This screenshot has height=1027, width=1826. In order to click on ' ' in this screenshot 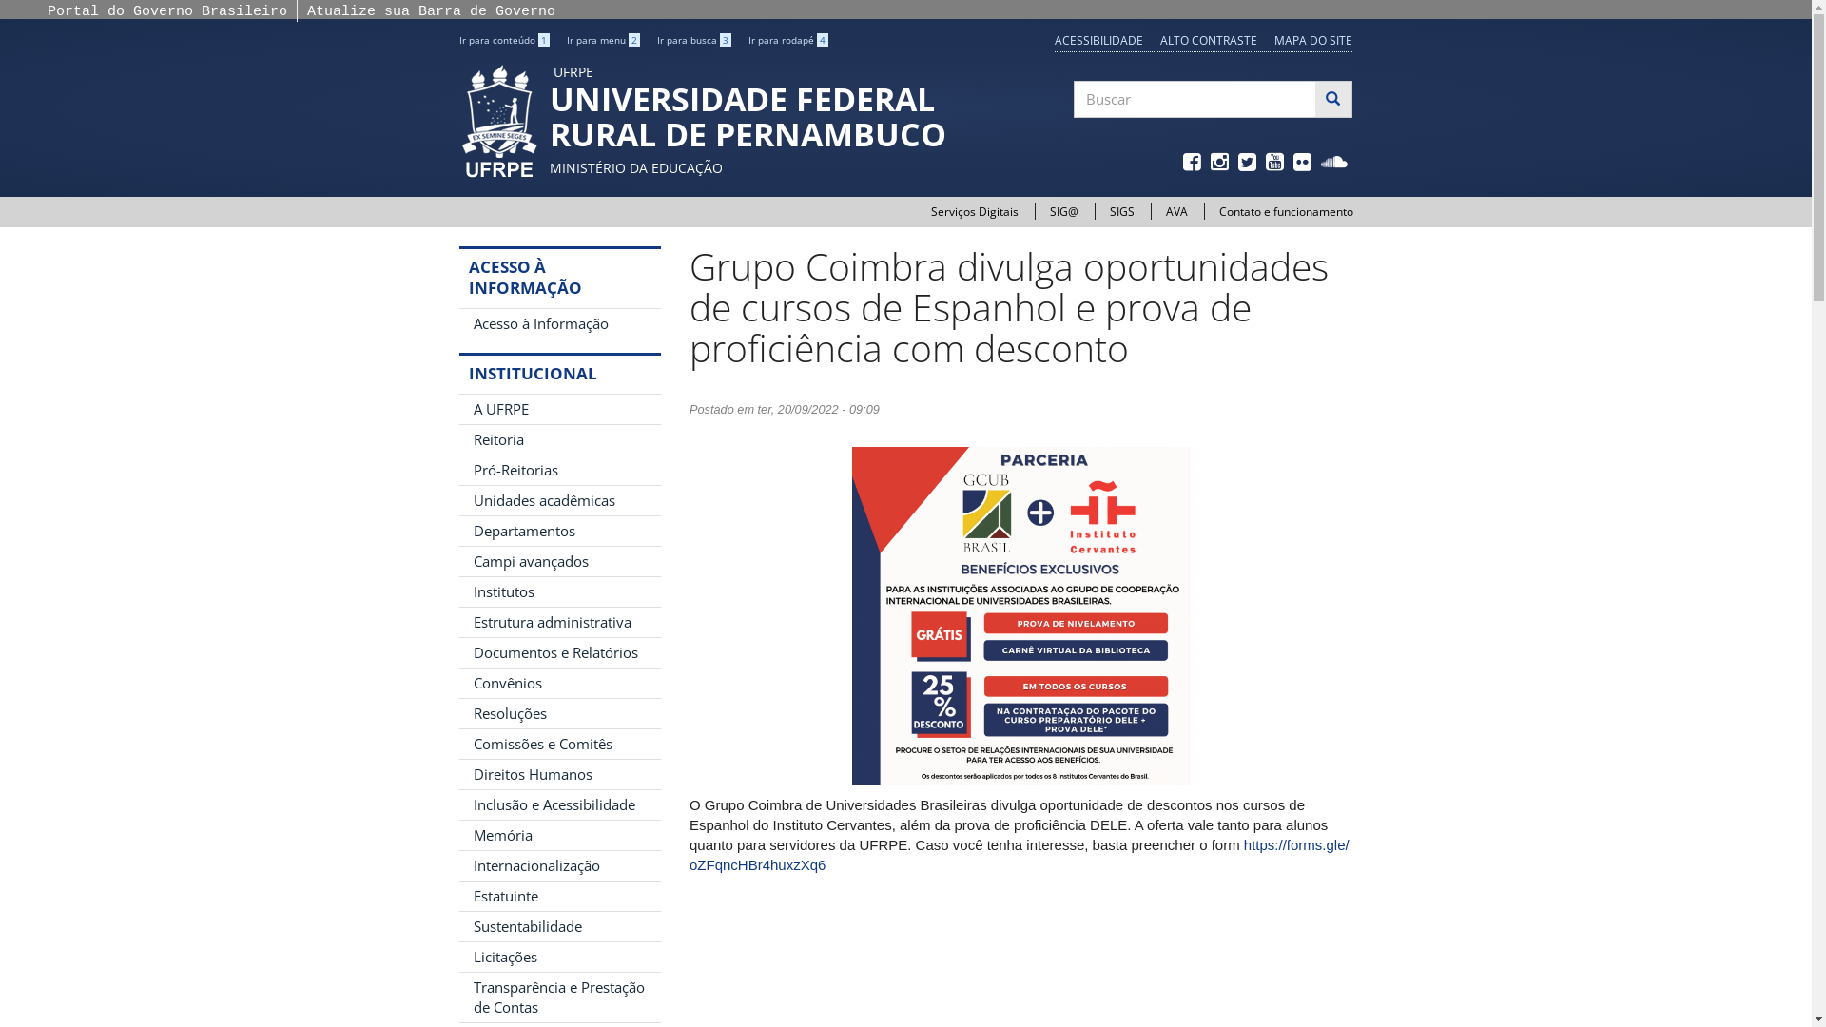, I will do `click(1276, 163)`.